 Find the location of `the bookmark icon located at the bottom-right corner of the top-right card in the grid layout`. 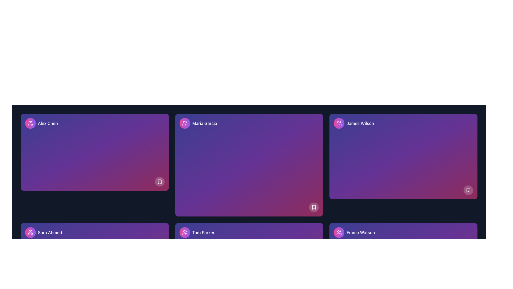

the bookmark icon located at the bottom-right corner of the top-right card in the grid layout is located at coordinates (159, 181).